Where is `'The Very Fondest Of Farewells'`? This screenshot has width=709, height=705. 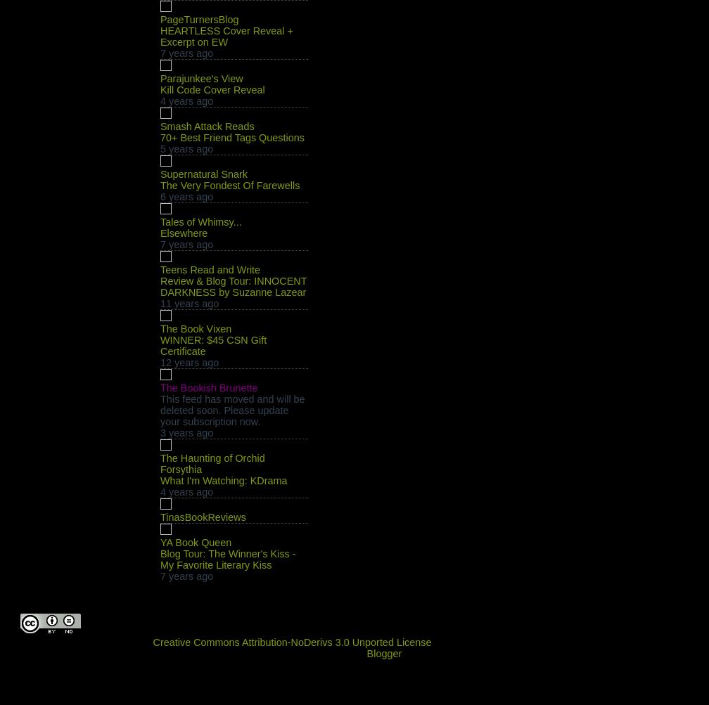
'The Very Fondest Of Farewells' is located at coordinates (229, 185).